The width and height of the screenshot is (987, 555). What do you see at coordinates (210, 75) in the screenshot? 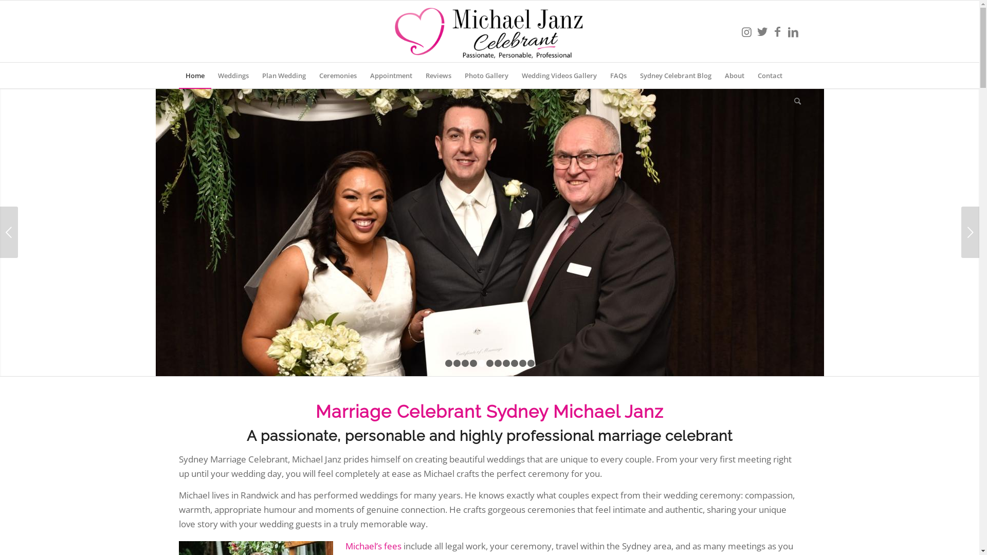
I see `'Weddings'` at bounding box center [210, 75].